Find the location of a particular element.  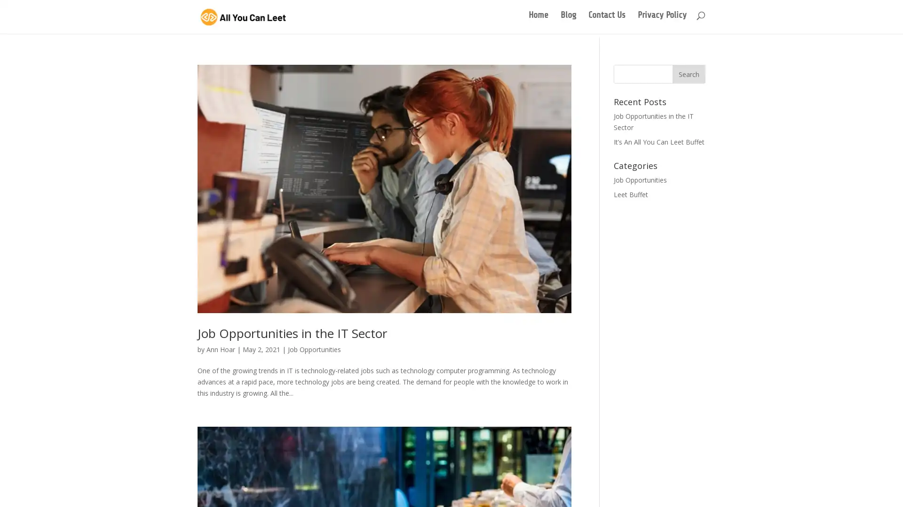

Search is located at coordinates (689, 72).